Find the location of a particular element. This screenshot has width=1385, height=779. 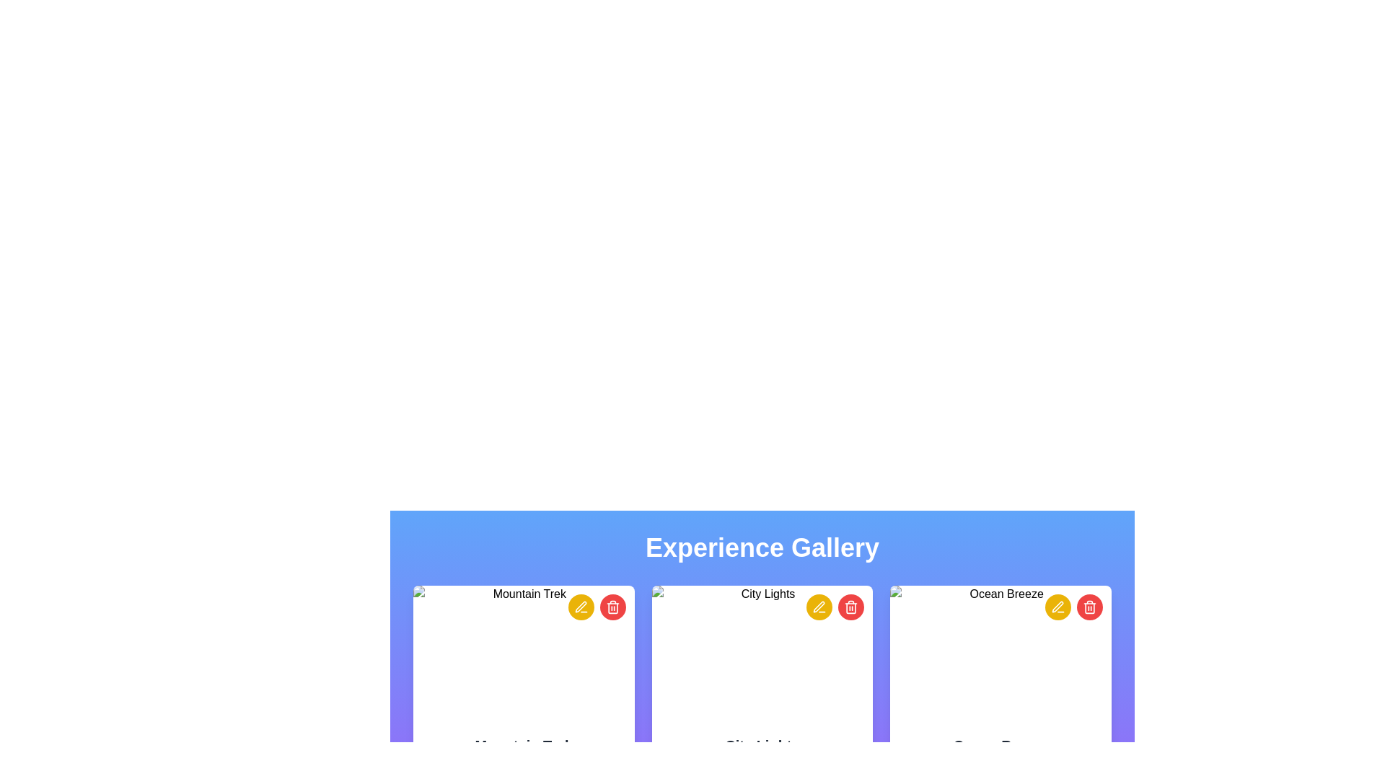

the red circular button with a trash bin icon located in the top-right corner of the 'Mountain Trek' card is located at coordinates (597, 607).